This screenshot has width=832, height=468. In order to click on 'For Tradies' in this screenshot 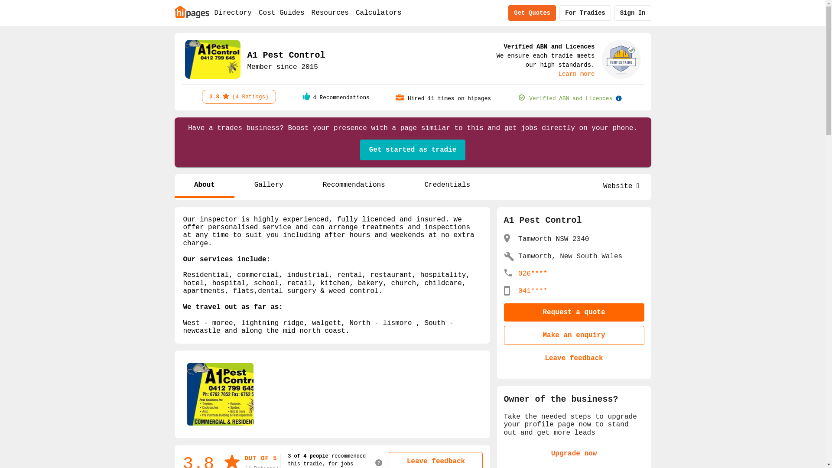, I will do `click(585, 13)`.